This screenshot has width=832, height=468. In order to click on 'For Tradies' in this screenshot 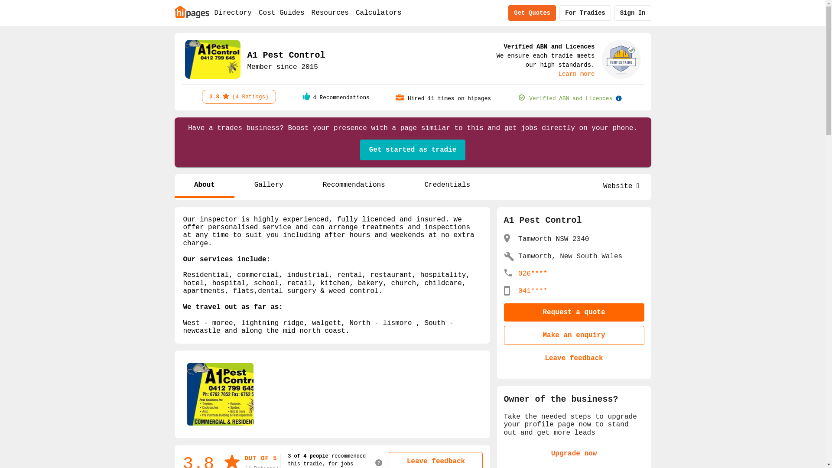, I will do `click(585, 13)`.